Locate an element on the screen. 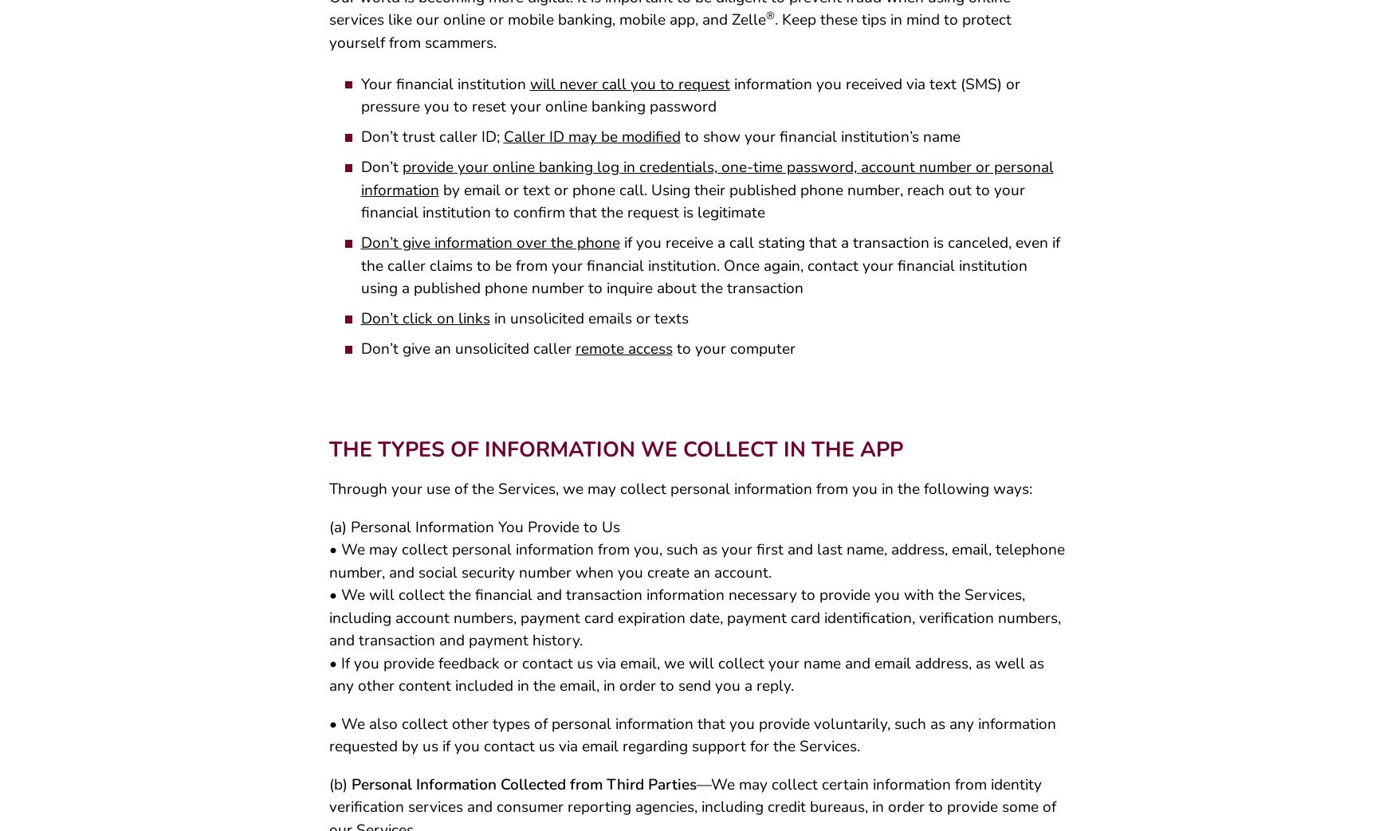 This screenshot has width=1395, height=831. '• We also collect other types of personal information that you provide voluntarily, such as any information requested by us if you contact us via email regarding support for the Services.' is located at coordinates (692, 740).